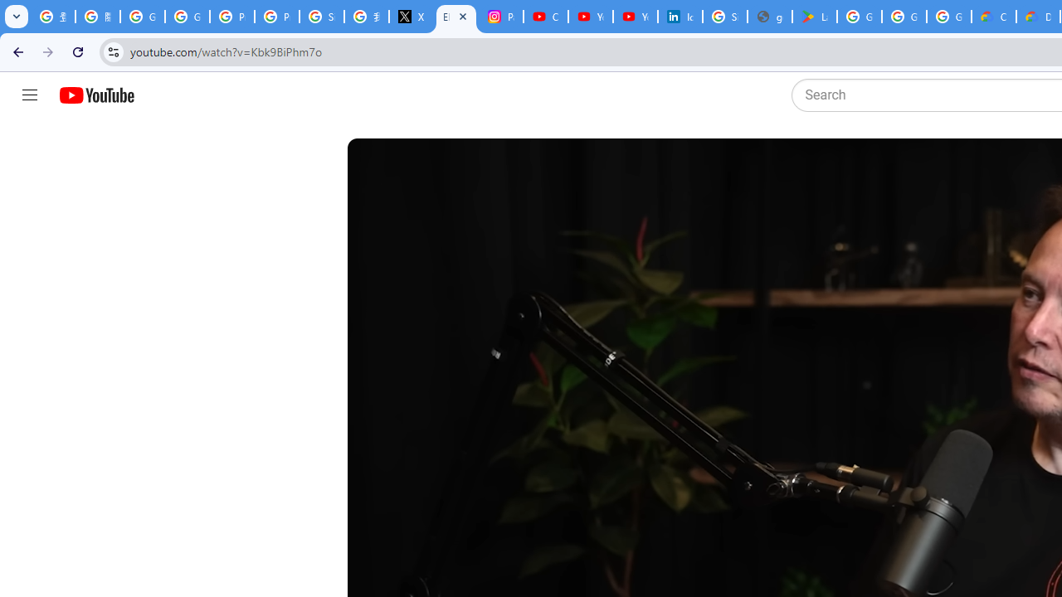 The image size is (1062, 597). What do you see at coordinates (635, 17) in the screenshot?
I see `'YouTube Culture & Trends - YouTube Top 10, 2021'` at bounding box center [635, 17].